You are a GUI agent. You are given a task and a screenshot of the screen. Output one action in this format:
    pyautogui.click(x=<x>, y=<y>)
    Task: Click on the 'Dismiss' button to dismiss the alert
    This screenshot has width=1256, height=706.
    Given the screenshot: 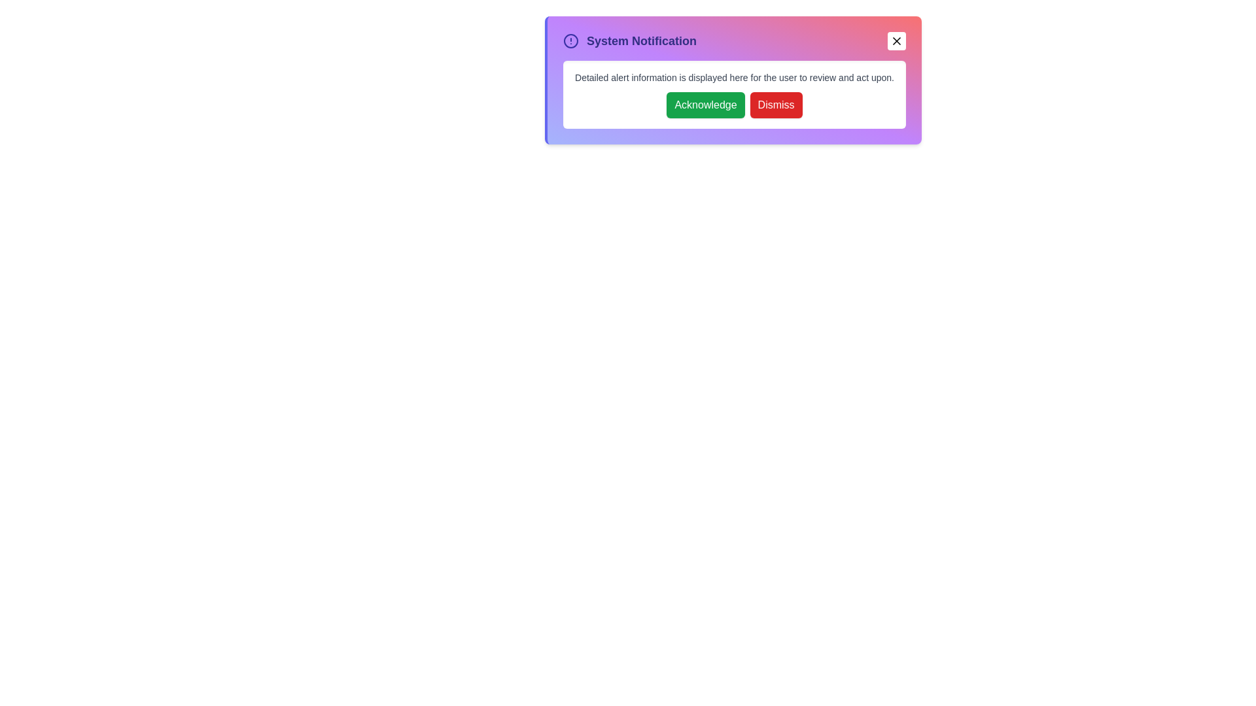 What is the action you would take?
    pyautogui.click(x=776, y=105)
    